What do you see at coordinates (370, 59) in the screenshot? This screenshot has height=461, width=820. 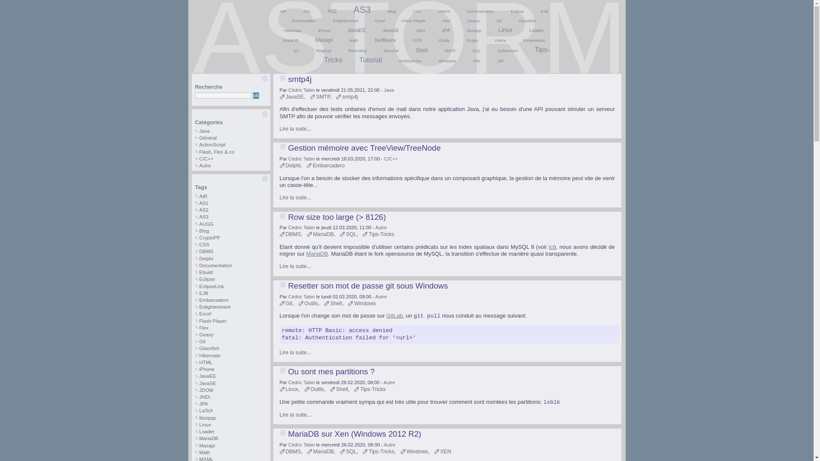 I see `'Tutorial'` at bounding box center [370, 59].